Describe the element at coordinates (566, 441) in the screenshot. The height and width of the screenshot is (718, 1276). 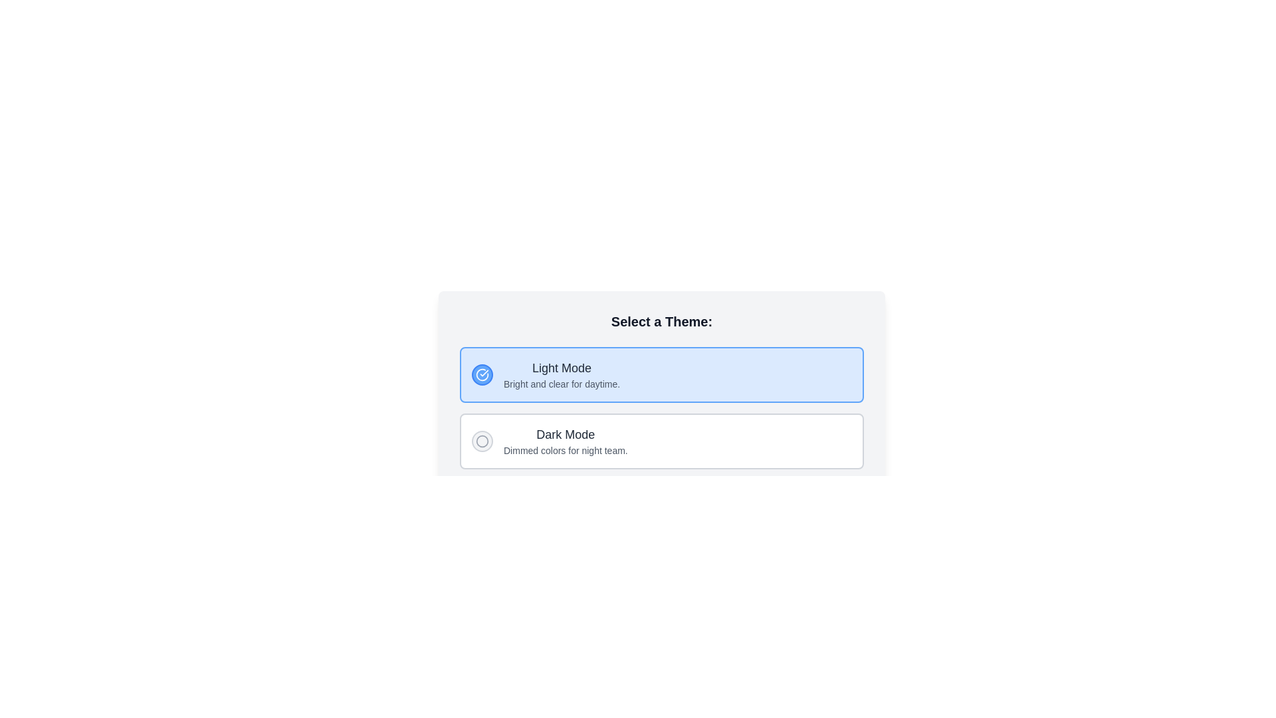
I see `details displayed in the text block for the 'Dark Mode' option in the theme selection menu, located beneath the 'Light Mode' option` at that location.